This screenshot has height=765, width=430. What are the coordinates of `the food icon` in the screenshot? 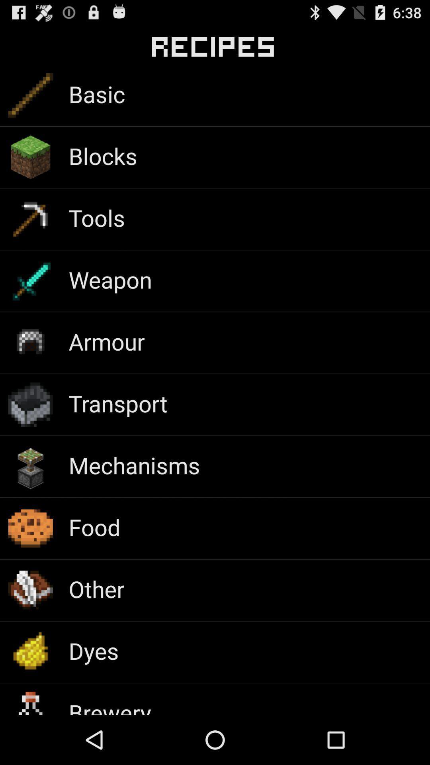 It's located at (94, 527).